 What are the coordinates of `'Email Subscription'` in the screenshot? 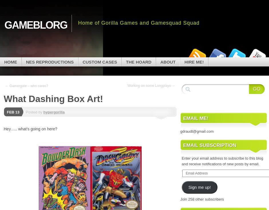 It's located at (183, 145).